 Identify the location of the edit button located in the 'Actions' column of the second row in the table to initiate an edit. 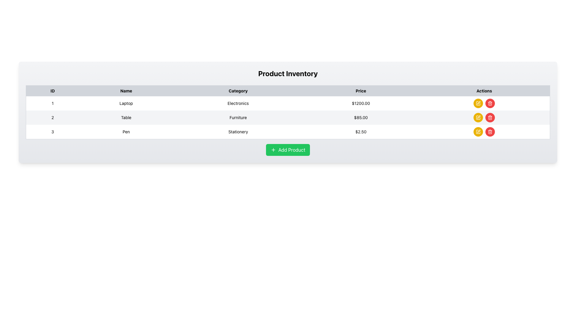
(478, 103).